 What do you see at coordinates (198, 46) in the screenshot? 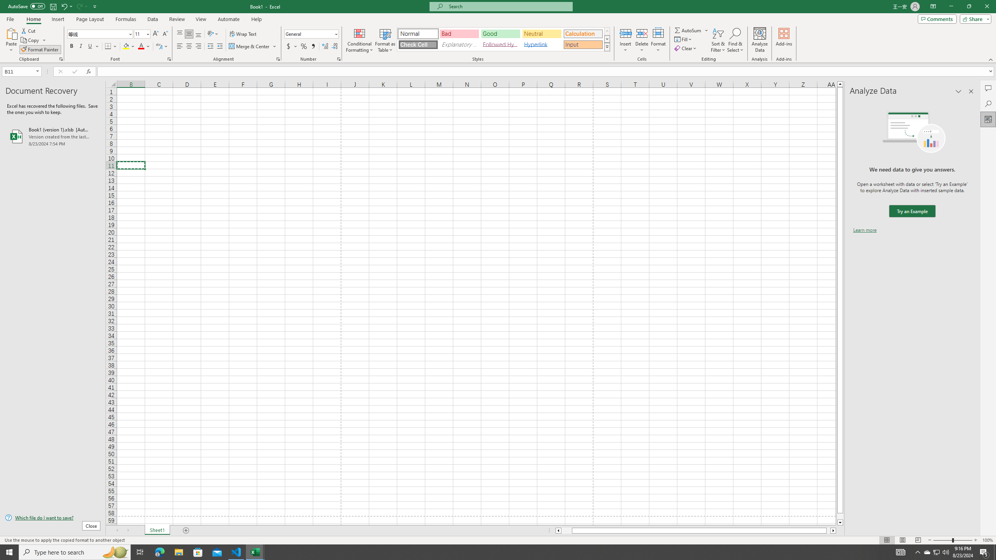
I see `'Align Right'` at bounding box center [198, 46].